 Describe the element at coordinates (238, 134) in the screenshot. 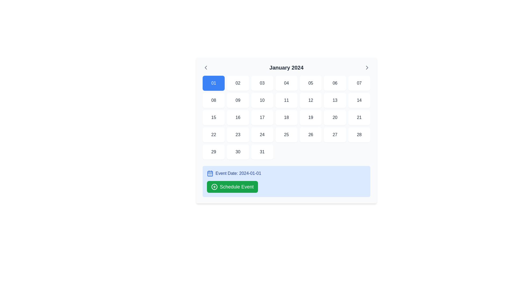

I see `the button that allows users to select the 23rd day of the displayed month to visually highlight it` at that location.